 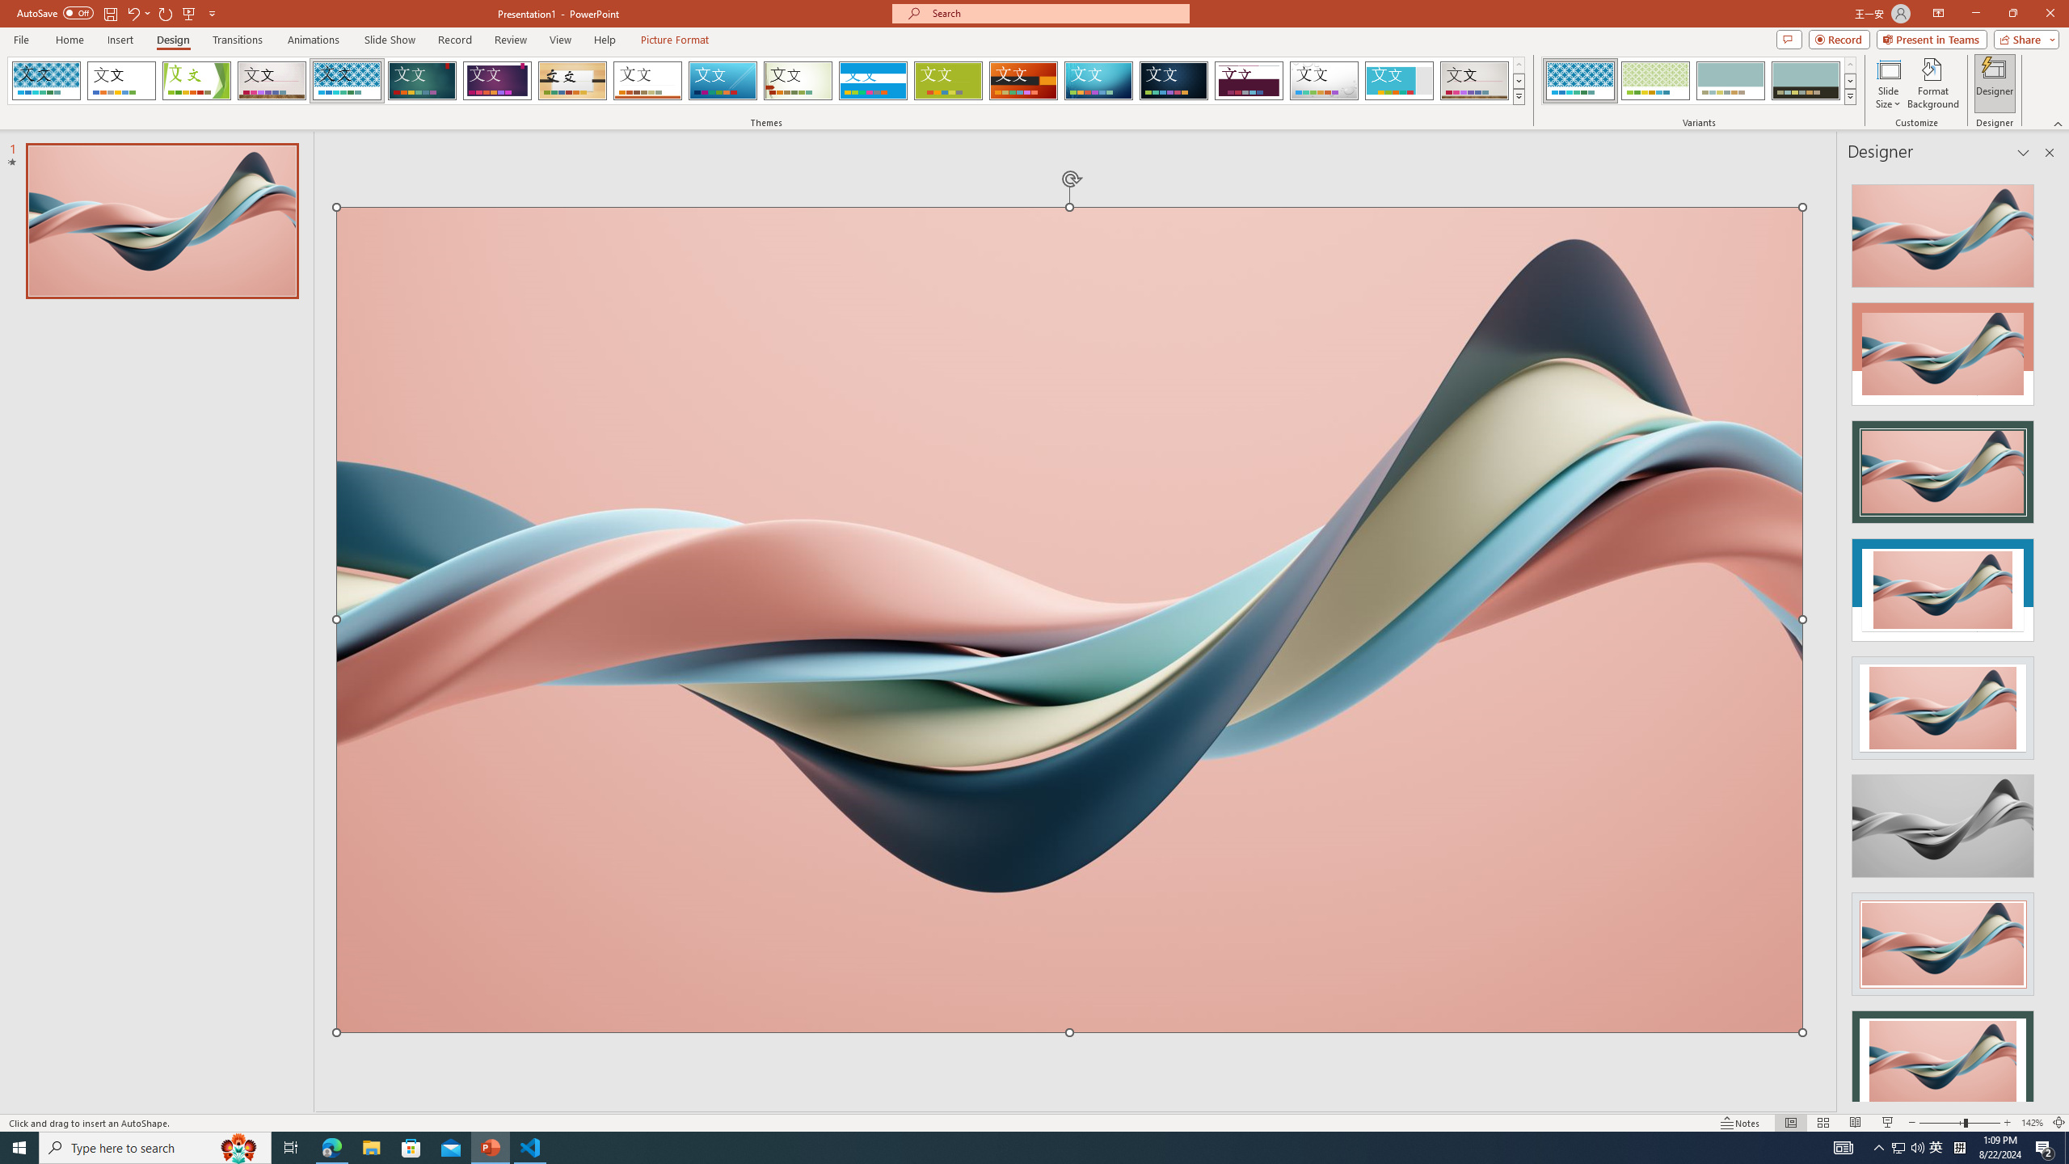 What do you see at coordinates (1941, 230) in the screenshot?
I see `'Recommended Design: Design Idea'` at bounding box center [1941, 230].